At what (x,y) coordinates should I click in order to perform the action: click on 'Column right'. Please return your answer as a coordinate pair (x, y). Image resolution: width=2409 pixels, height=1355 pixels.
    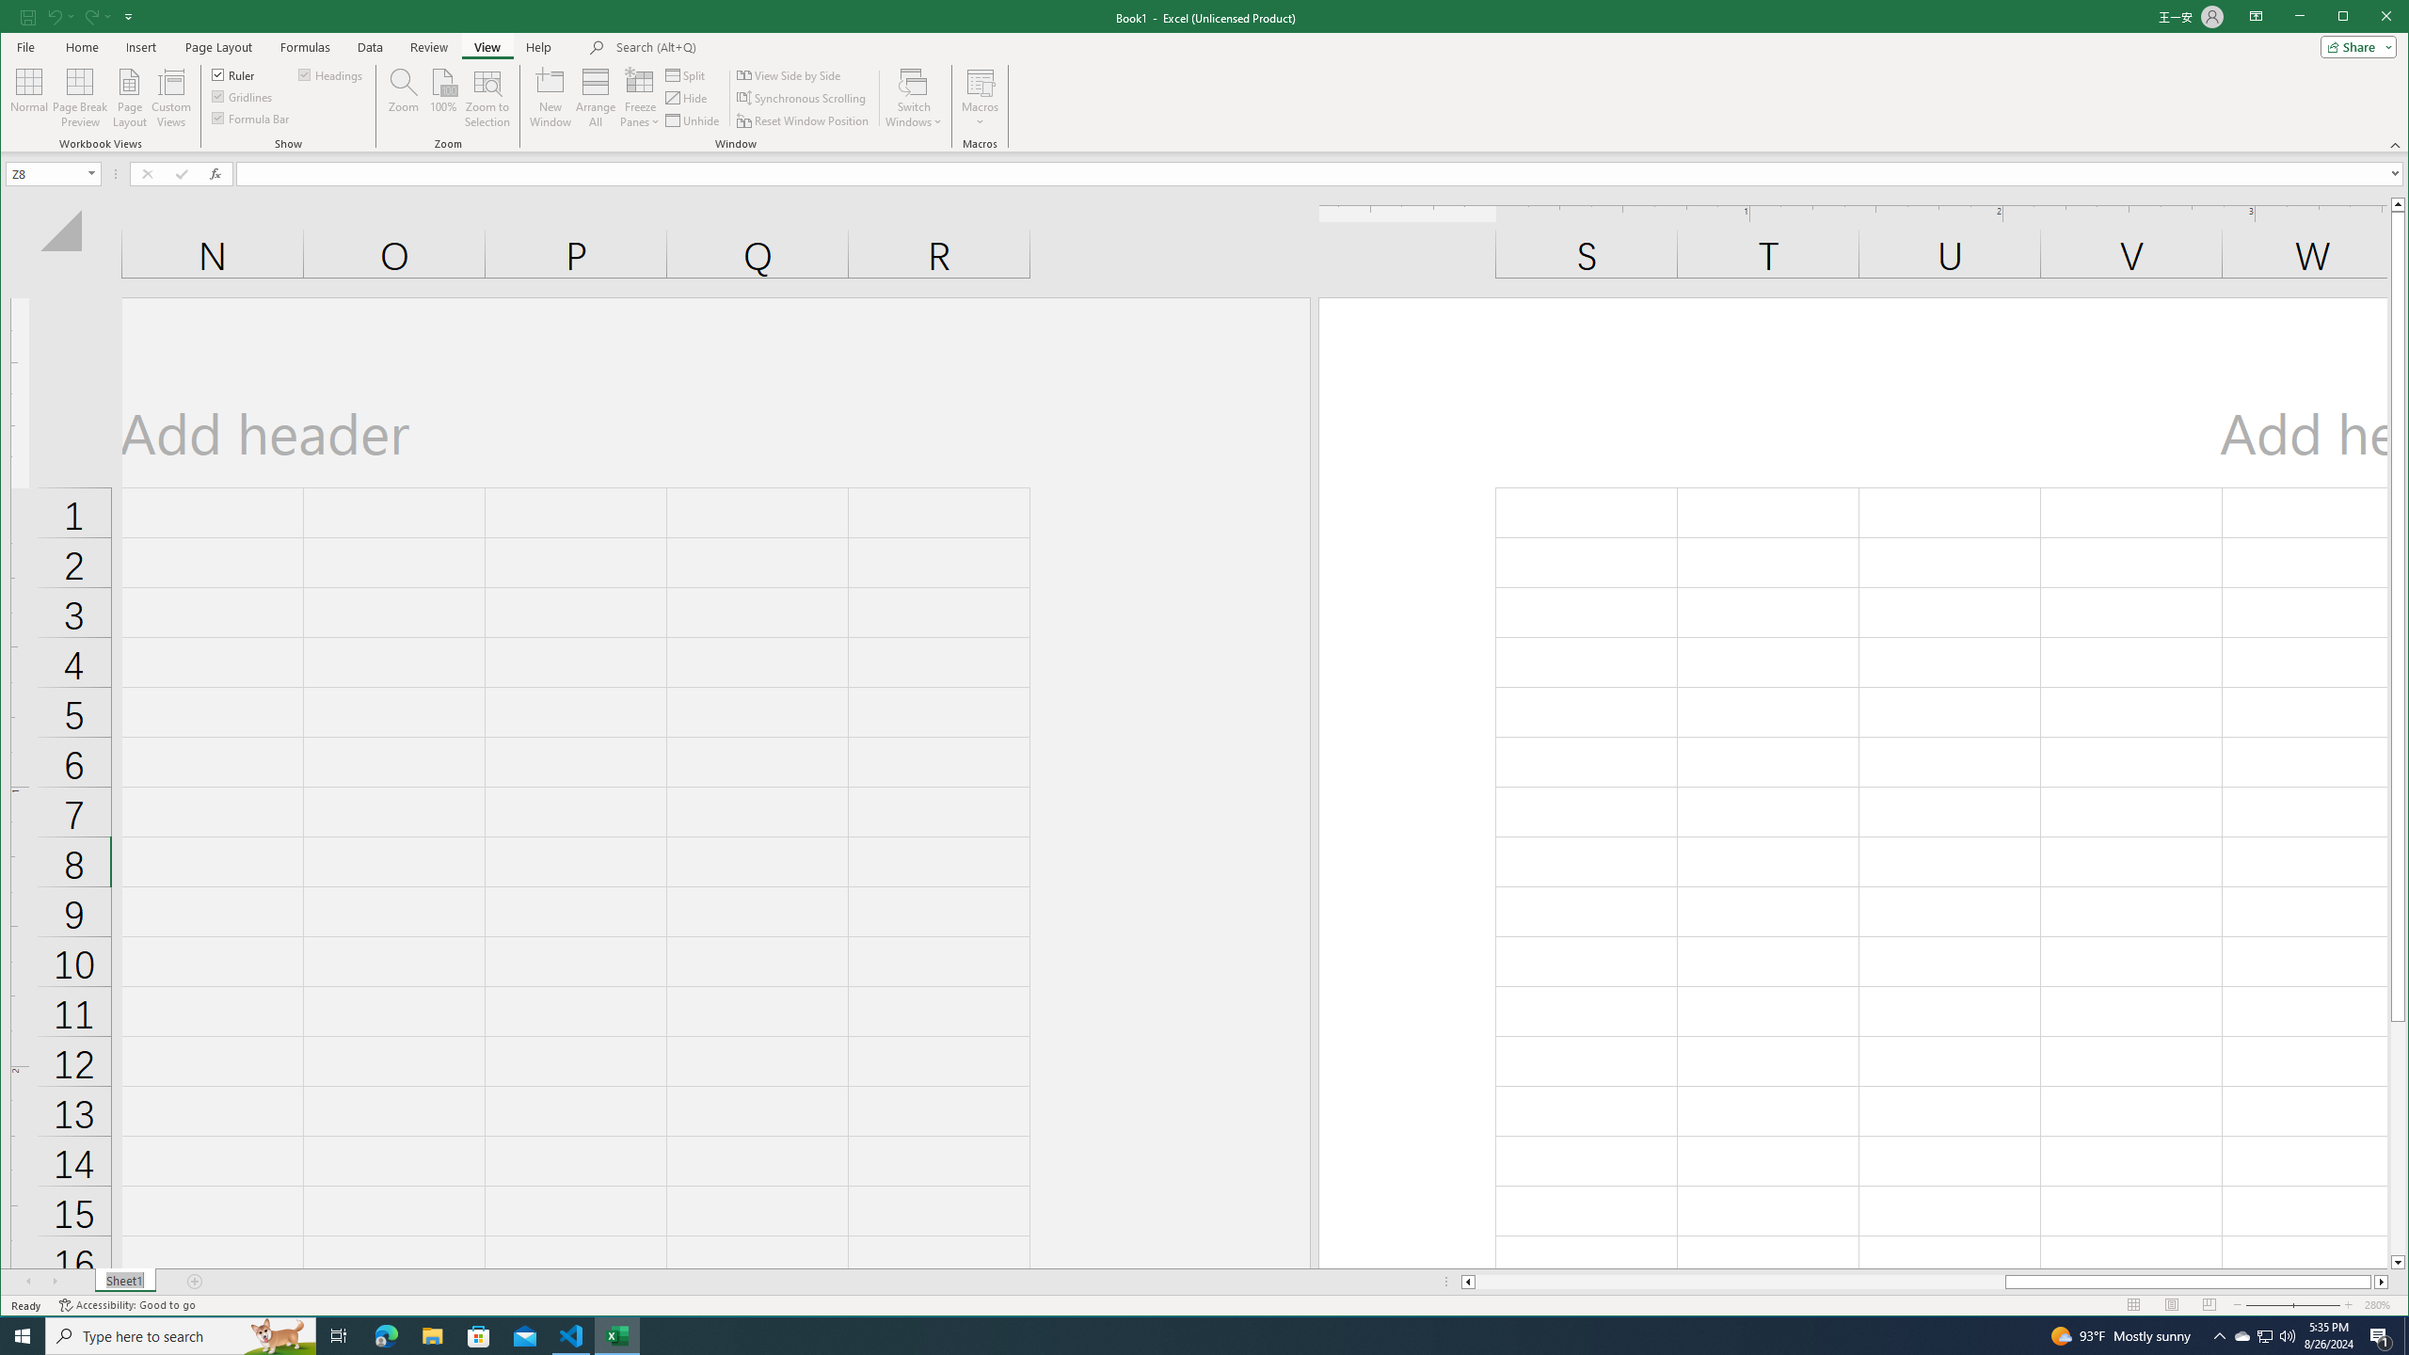
    Looking at the image, I should click on (2382, 1282).